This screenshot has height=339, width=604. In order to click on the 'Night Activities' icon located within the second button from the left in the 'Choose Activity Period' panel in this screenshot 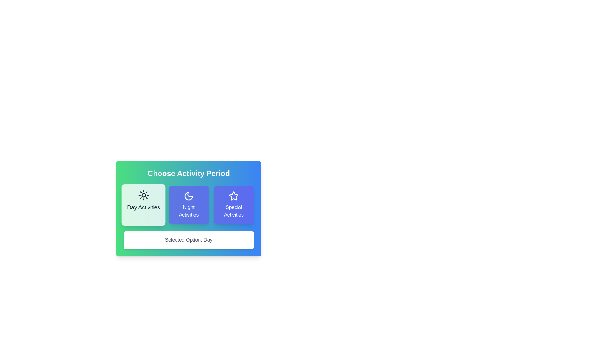, I will do `click(188, 196)`.